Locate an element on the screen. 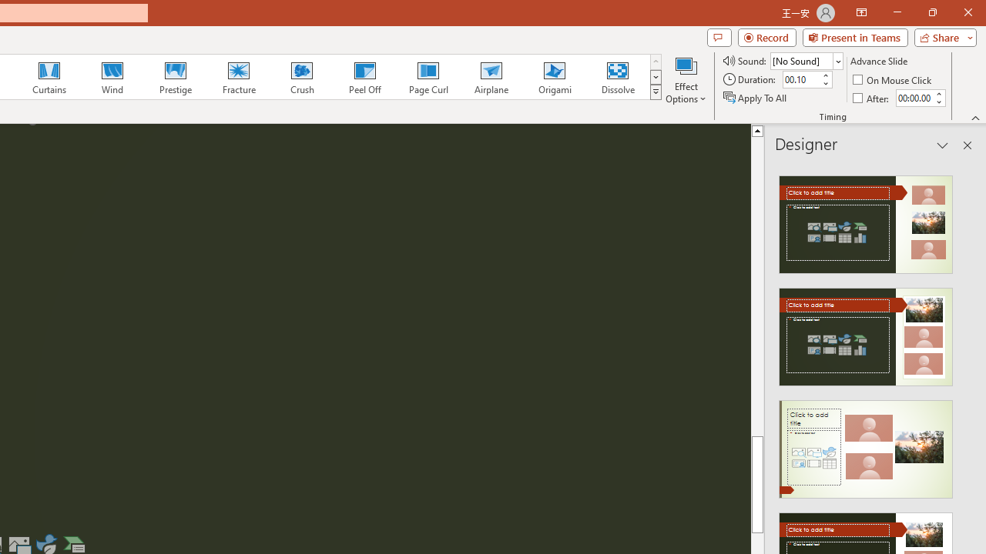 This screenshot has height=554, width=986. 'Fracture' is located at coordinates (237, 77).